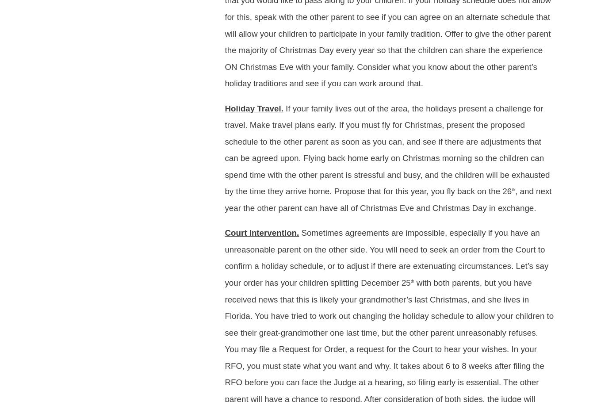 The width and height of the screenshot is (597, 402). What do you see at coordinates (159, 30) in the screenshot?
I see `'Our Team'` at bounding box center [159, 30].